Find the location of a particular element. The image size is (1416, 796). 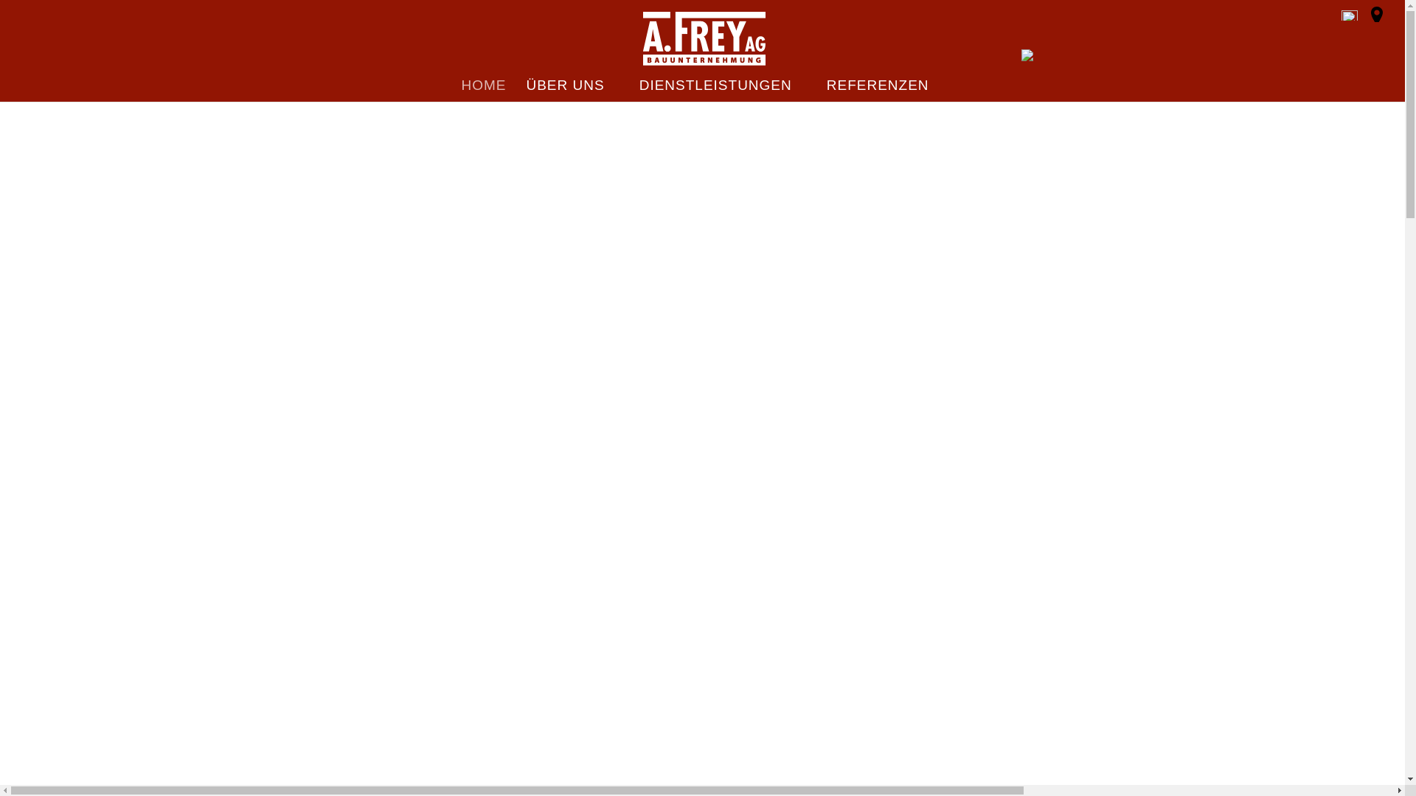

'HOME' is located at coordinates (459, 91).